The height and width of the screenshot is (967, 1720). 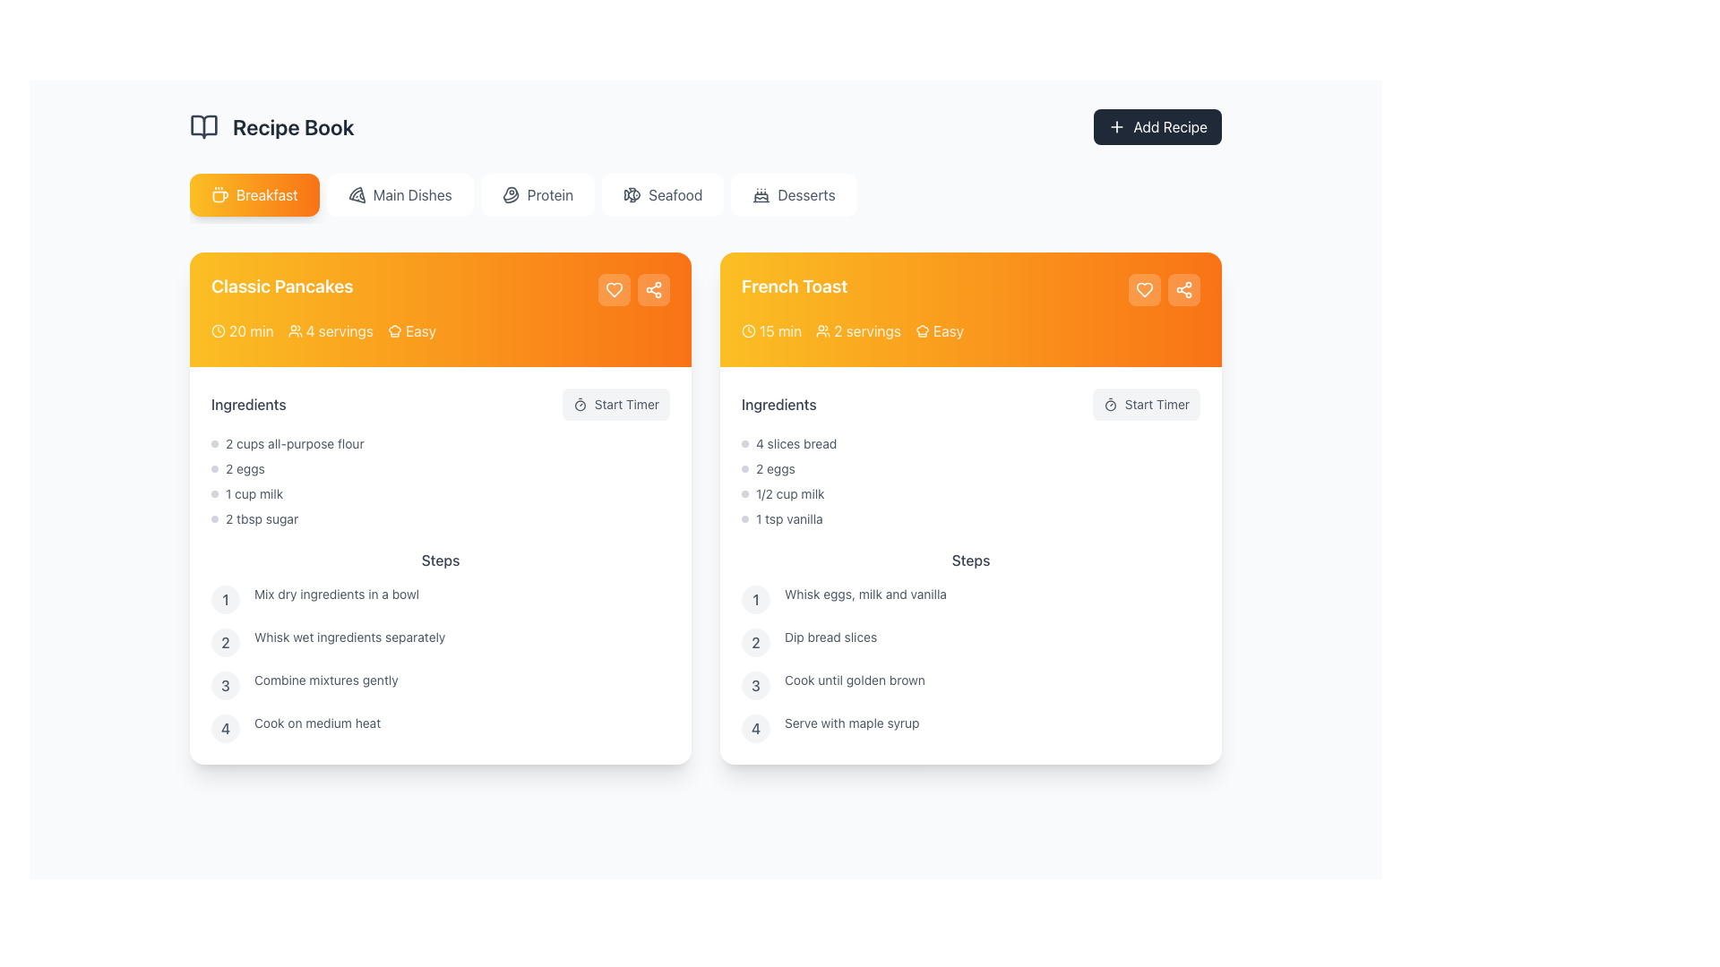 What do you see at coordinates (218, 331) in the screenshot?
I see `the clock icon representing the preparation time for the 'Classic Pancakes' recipe, which is located leftmost in the metadata icons line` at bounding box center [218, 331].